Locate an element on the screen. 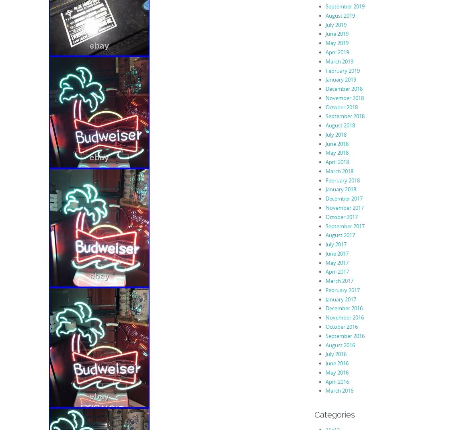 This screenshot has width=476, height=430. 'August 2019' is located at coordinates (340, 14).